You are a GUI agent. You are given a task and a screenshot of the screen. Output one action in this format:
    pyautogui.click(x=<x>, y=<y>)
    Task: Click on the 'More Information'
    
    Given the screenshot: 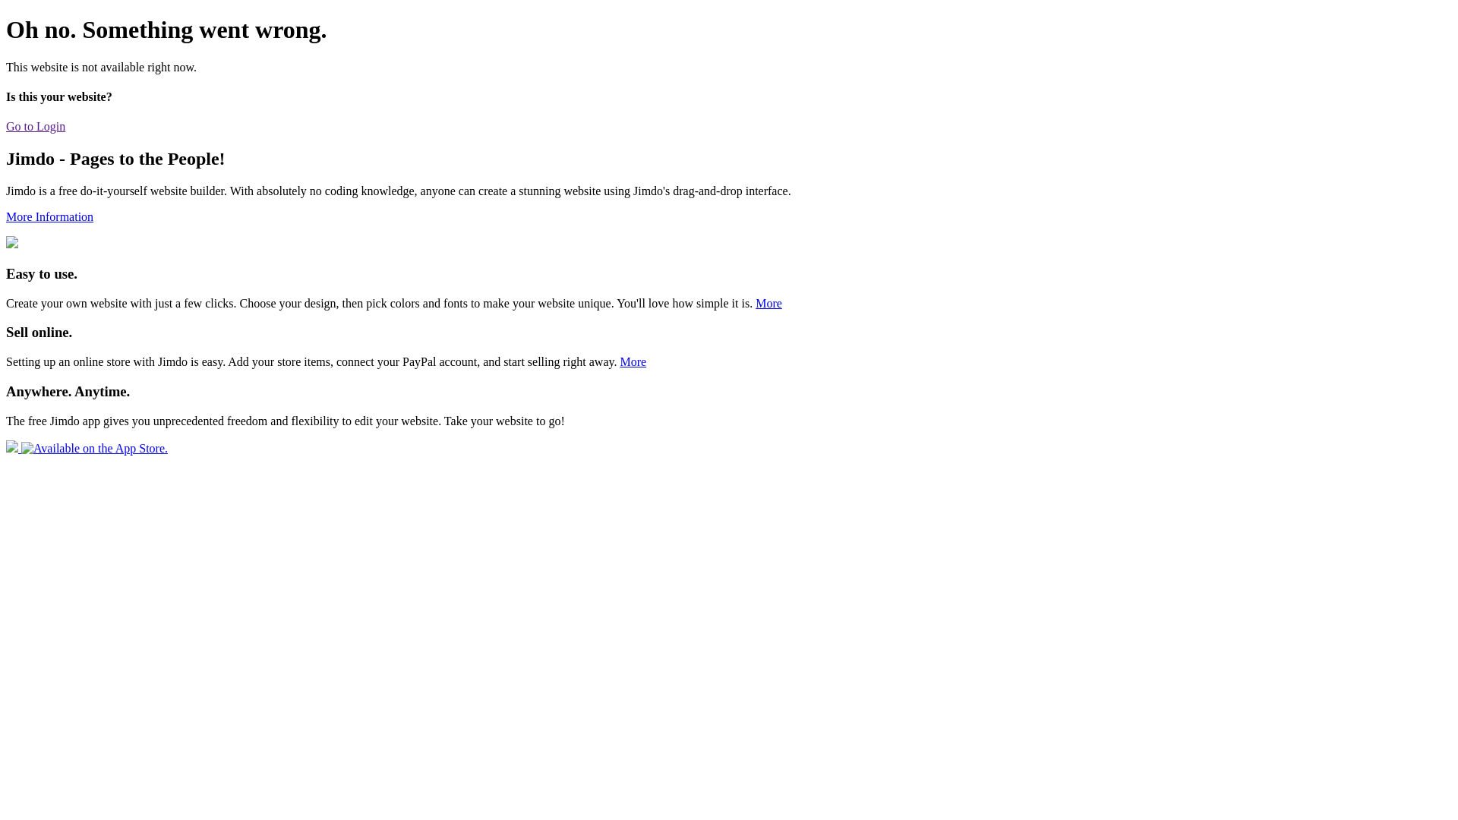 What is the action you would take?
    pyautogui.click(x=49, y=216)
    